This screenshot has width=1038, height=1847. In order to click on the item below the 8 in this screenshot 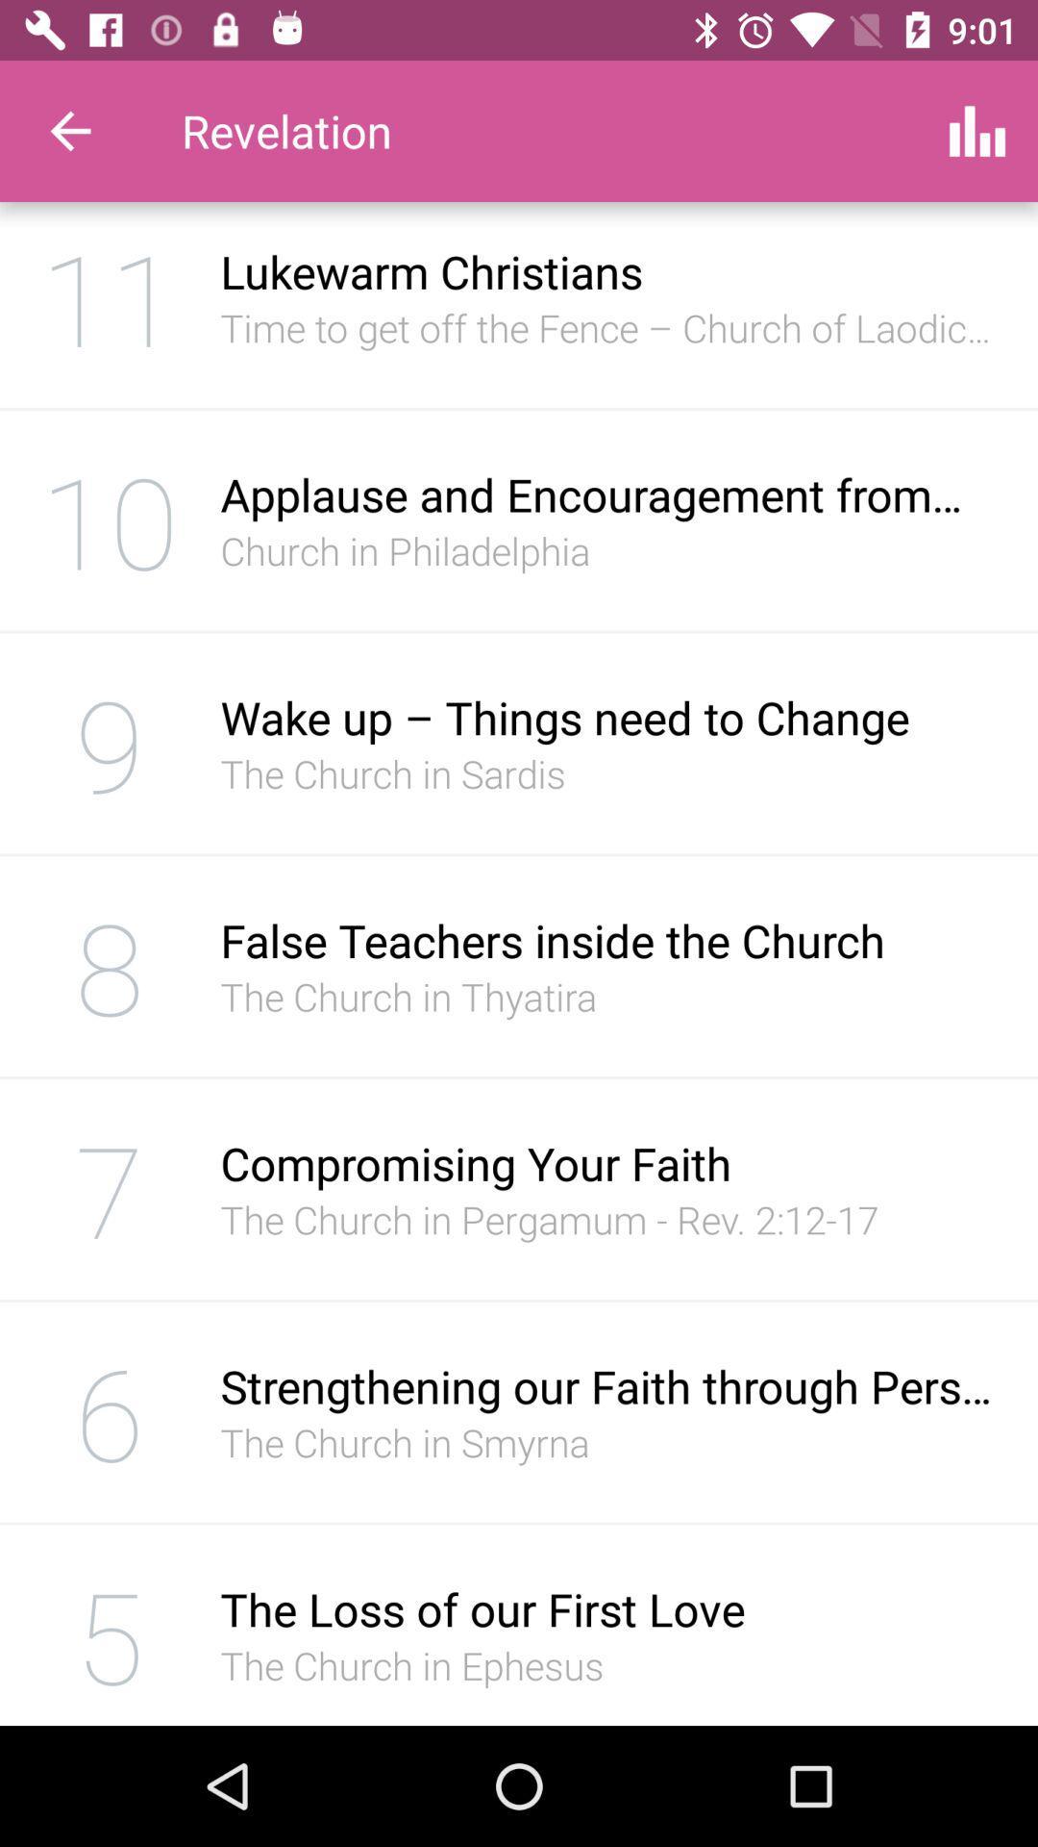, I will do `click(110, 1188)`.